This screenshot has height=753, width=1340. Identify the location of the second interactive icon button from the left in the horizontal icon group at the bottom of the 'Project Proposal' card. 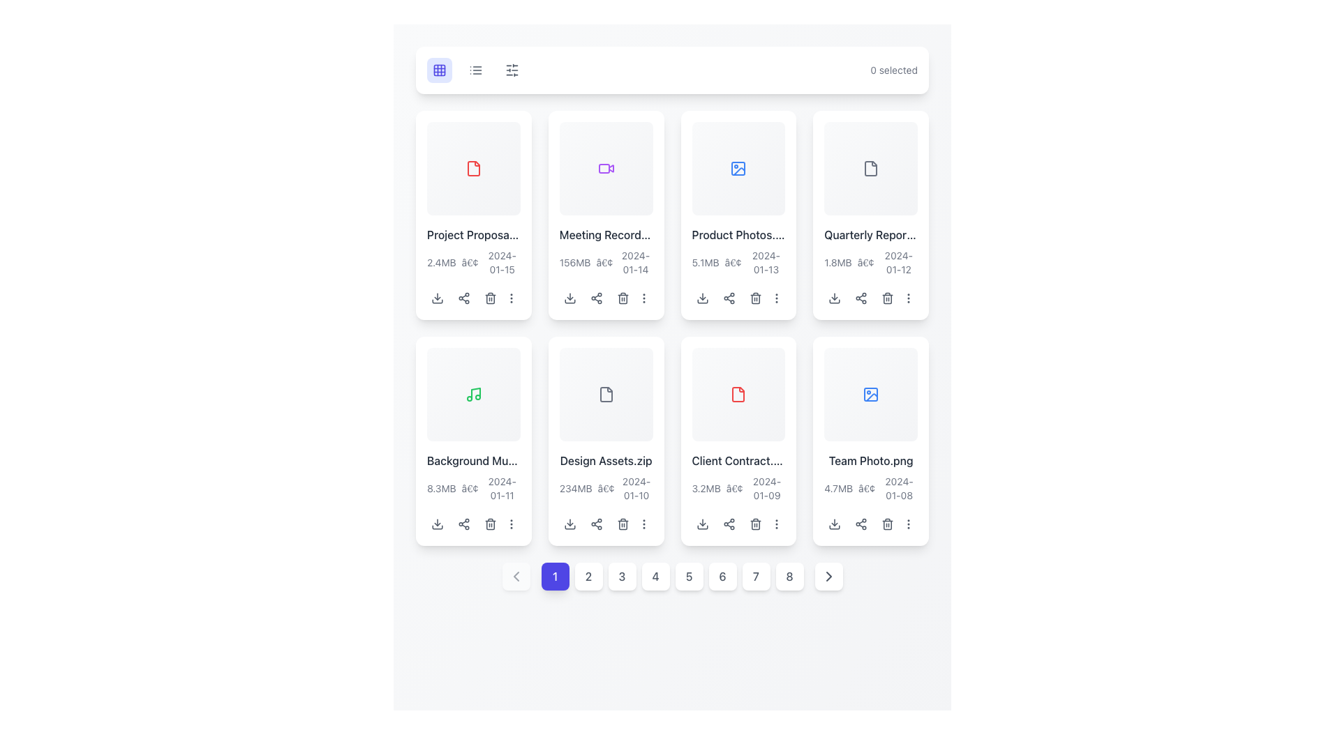
(464, 297).